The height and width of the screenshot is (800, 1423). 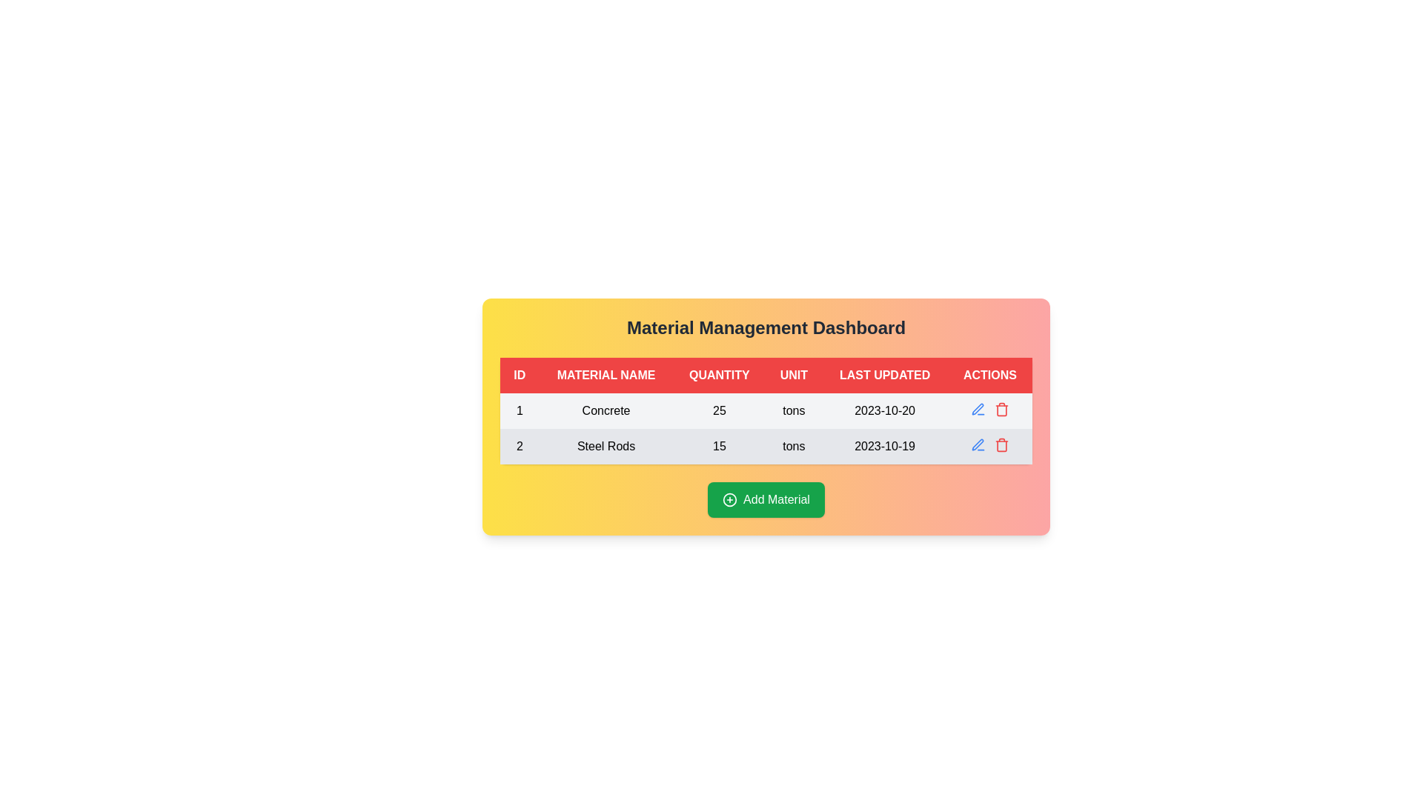 What do you see at coordinates (719, 374) in the screenshot?
I see `the 'QUANTITY' button-like UI component with a red background and white text, located in the table header row as the third item from the left` at bounding box center [719, 374].